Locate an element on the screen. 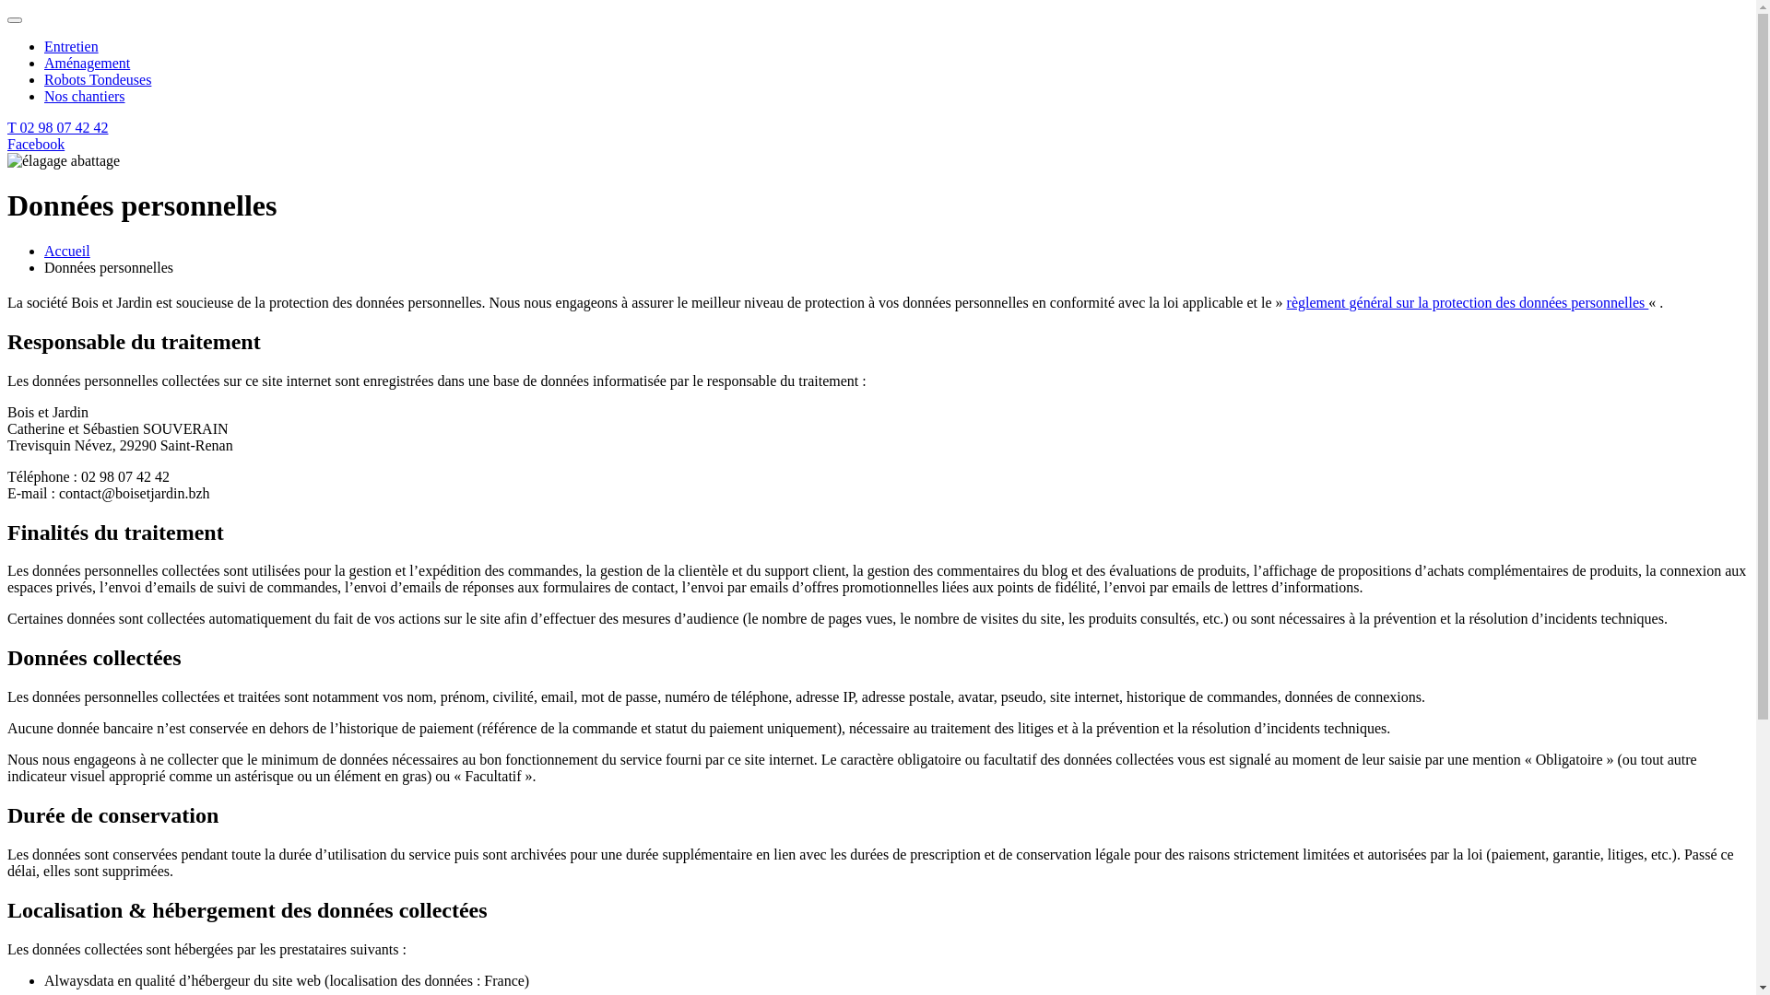 This screenshot has height=995, width=1770. 'Entretien' is located at coordinates (71, 45).